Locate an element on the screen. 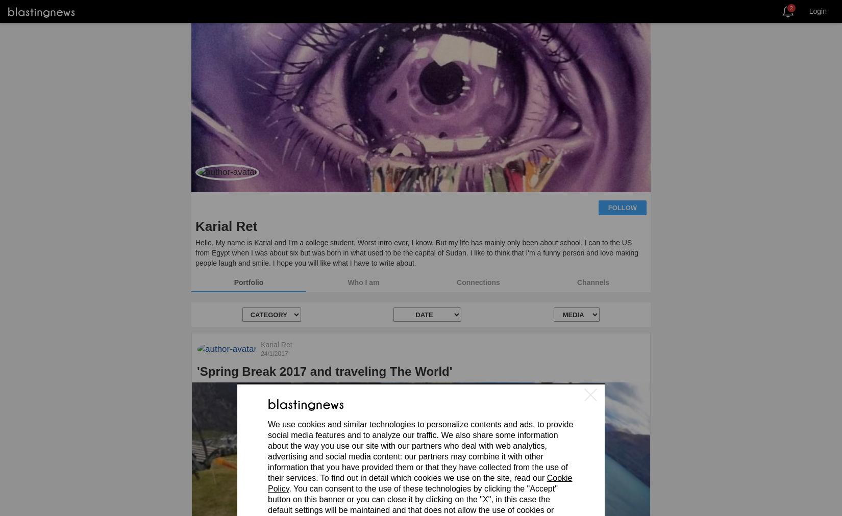  'Cookie Policy' is located at coordinates (419, 483).